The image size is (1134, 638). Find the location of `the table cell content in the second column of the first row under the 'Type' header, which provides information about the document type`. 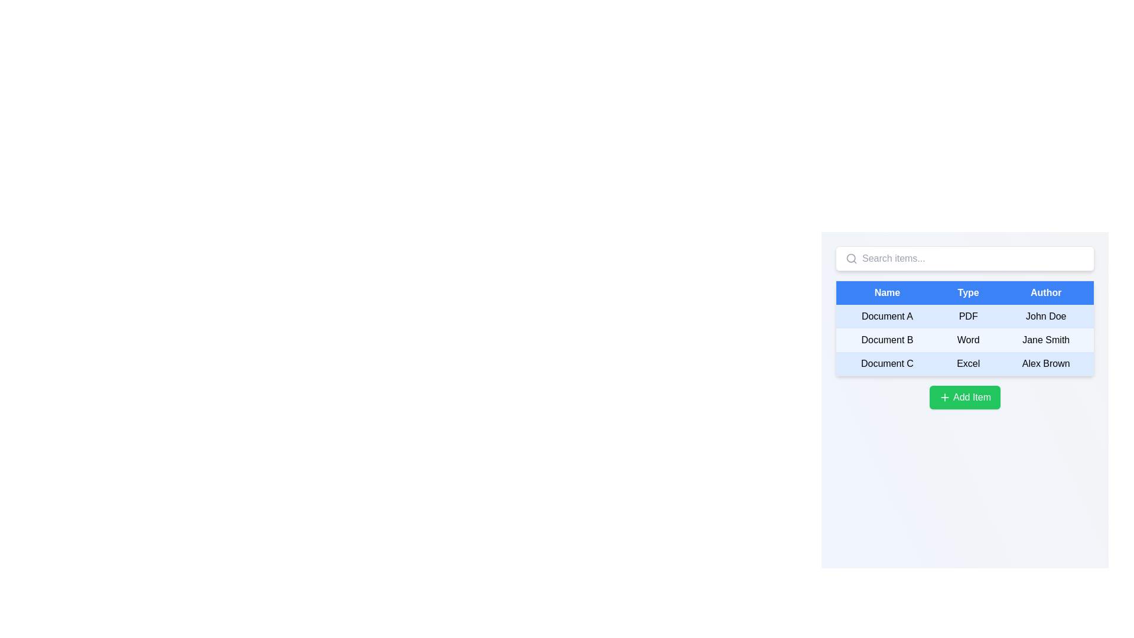

the table cell content in the second column of the first row under the 'Type' header, which provides information about the document type is located at coordinates (964, 316).